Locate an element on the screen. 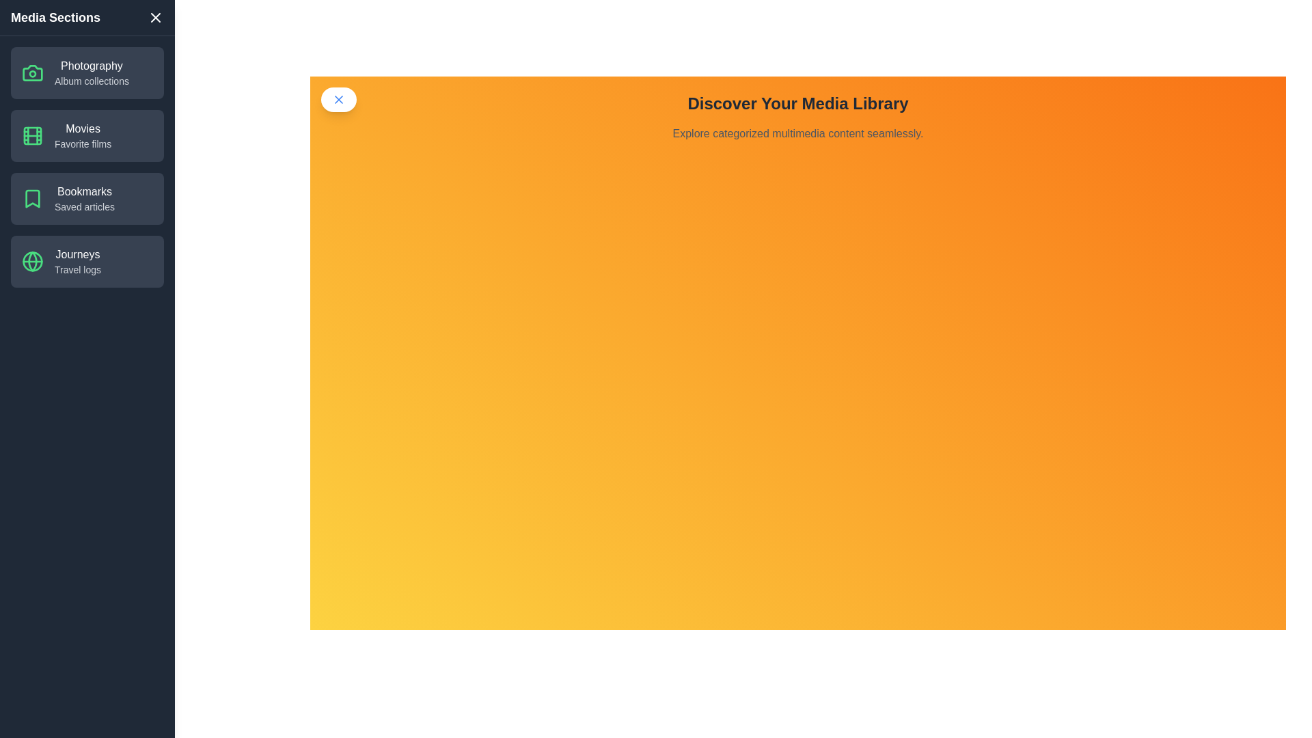 The width and height of the screenshot is (1312, 738). the main text area to focus on it is located at coordinates (797, 134).